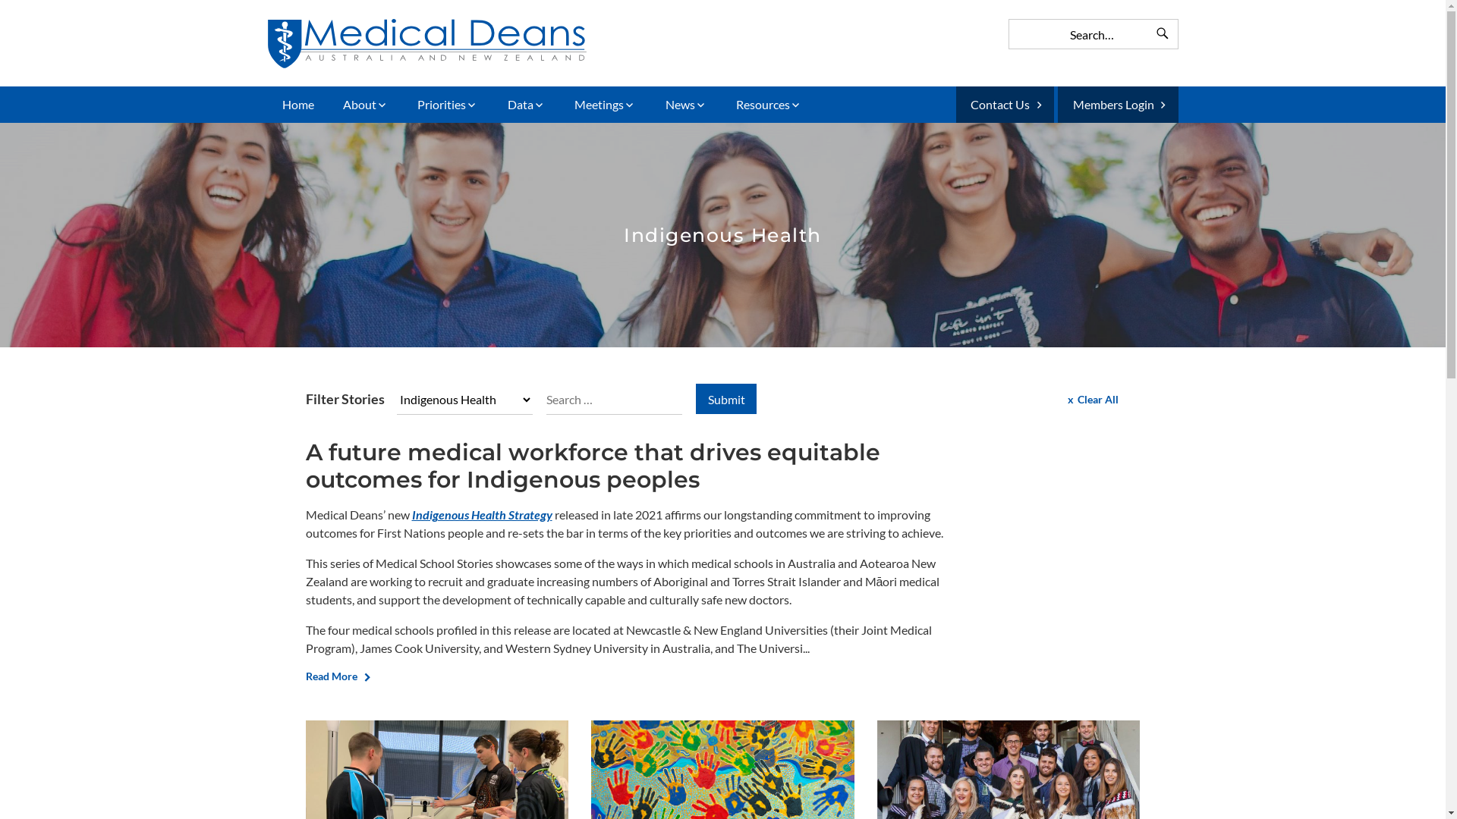 The image size is (1457, 819). What do you see at coordinates (1066, 398) in the screenshot?
I see `'Clear All'` at bounding box center [1066, 398].